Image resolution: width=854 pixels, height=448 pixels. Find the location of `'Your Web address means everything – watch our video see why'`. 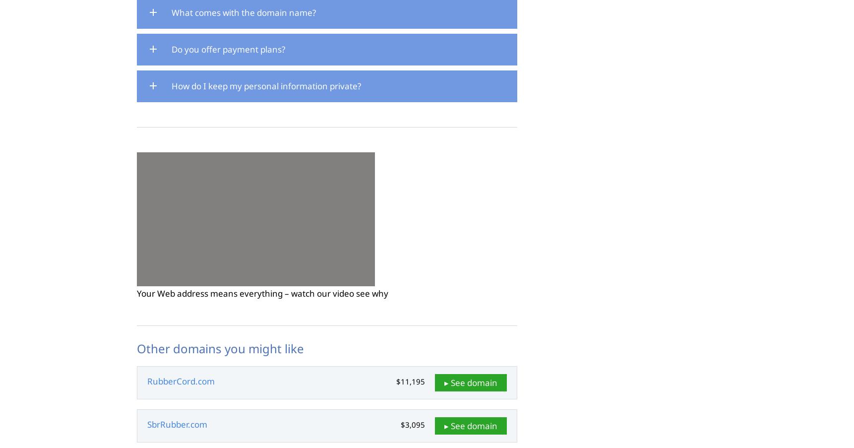

'Your Web address means everything – watch our video see why' is located at coordinates (262, 293).